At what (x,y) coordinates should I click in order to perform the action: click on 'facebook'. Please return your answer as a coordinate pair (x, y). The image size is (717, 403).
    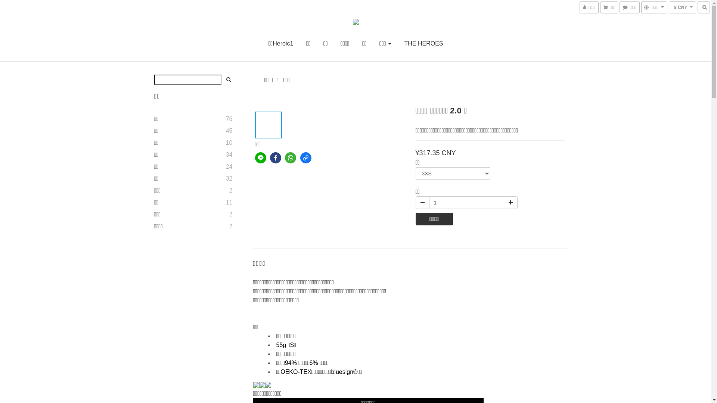
    Looking at the image, I should click on (270, 157).